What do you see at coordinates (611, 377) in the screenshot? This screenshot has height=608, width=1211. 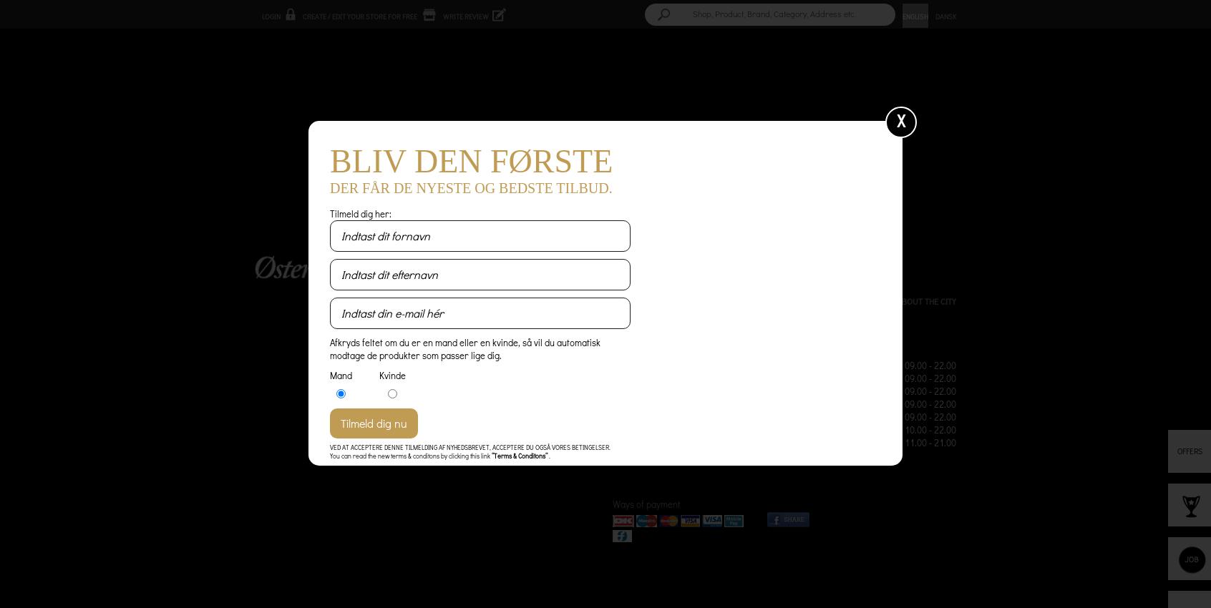 I see `'Address:'` at bounding box center [611, 377].